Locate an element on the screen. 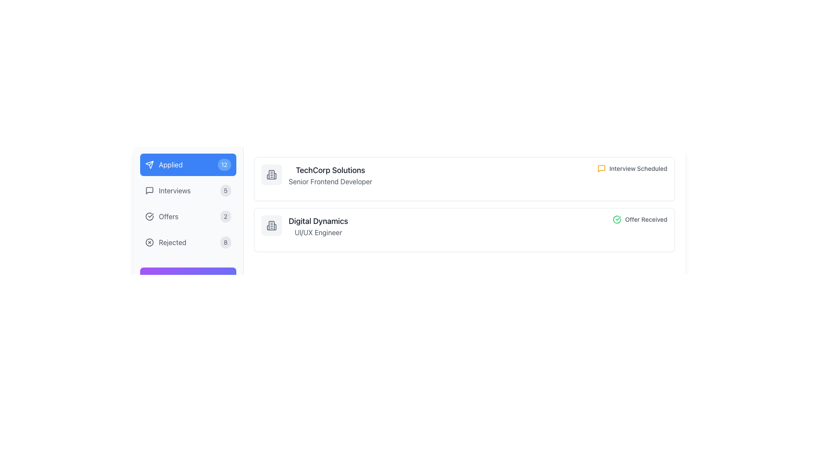 Image resolution: width=828 pixels, height=466 pixels. the vertical rectangular building icon within the icon group located to the right of the 'Digital Dynamics' list item is located at coordinates (271, 225).